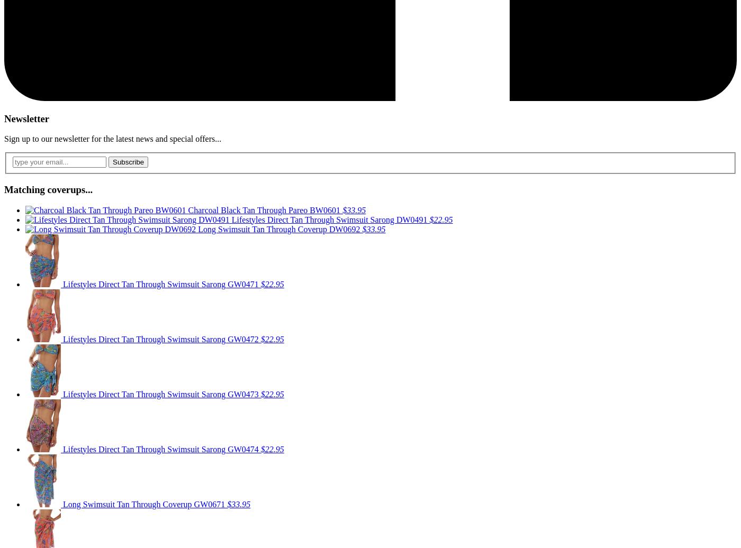 The height and width of the screenshot is (548, 741). What do you see at coordinates (265, 209) in the screenshot?
I see `'Charcoal Black Tan Through Pareo BW0601'` at bounding box center [265, 209].